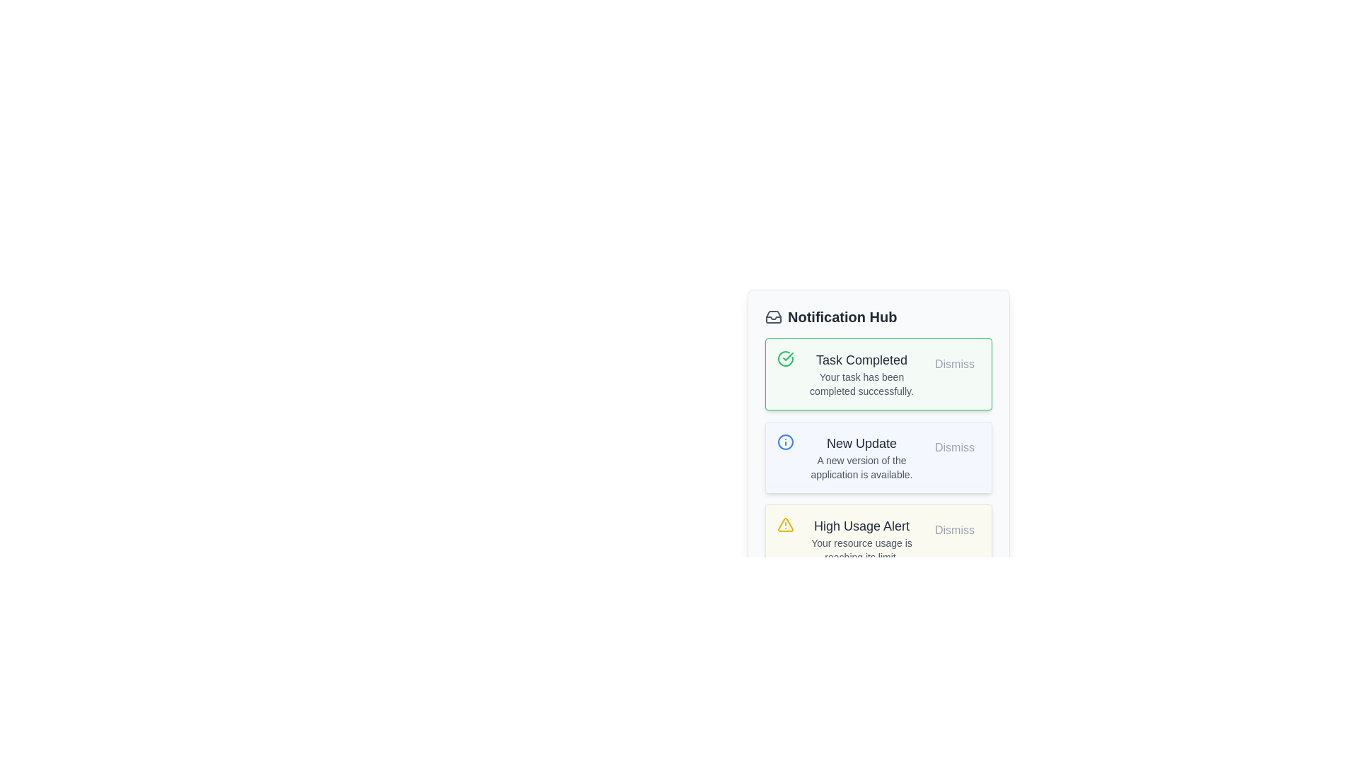 The image size is (1358, 763). Describe the element at coordinates (784, 525) in the screenshot. I see `the triangular warning icon with a yellow border and an exclamation mark inside, located at the top-left of the 'High Usage Alert' notification card` at that location.